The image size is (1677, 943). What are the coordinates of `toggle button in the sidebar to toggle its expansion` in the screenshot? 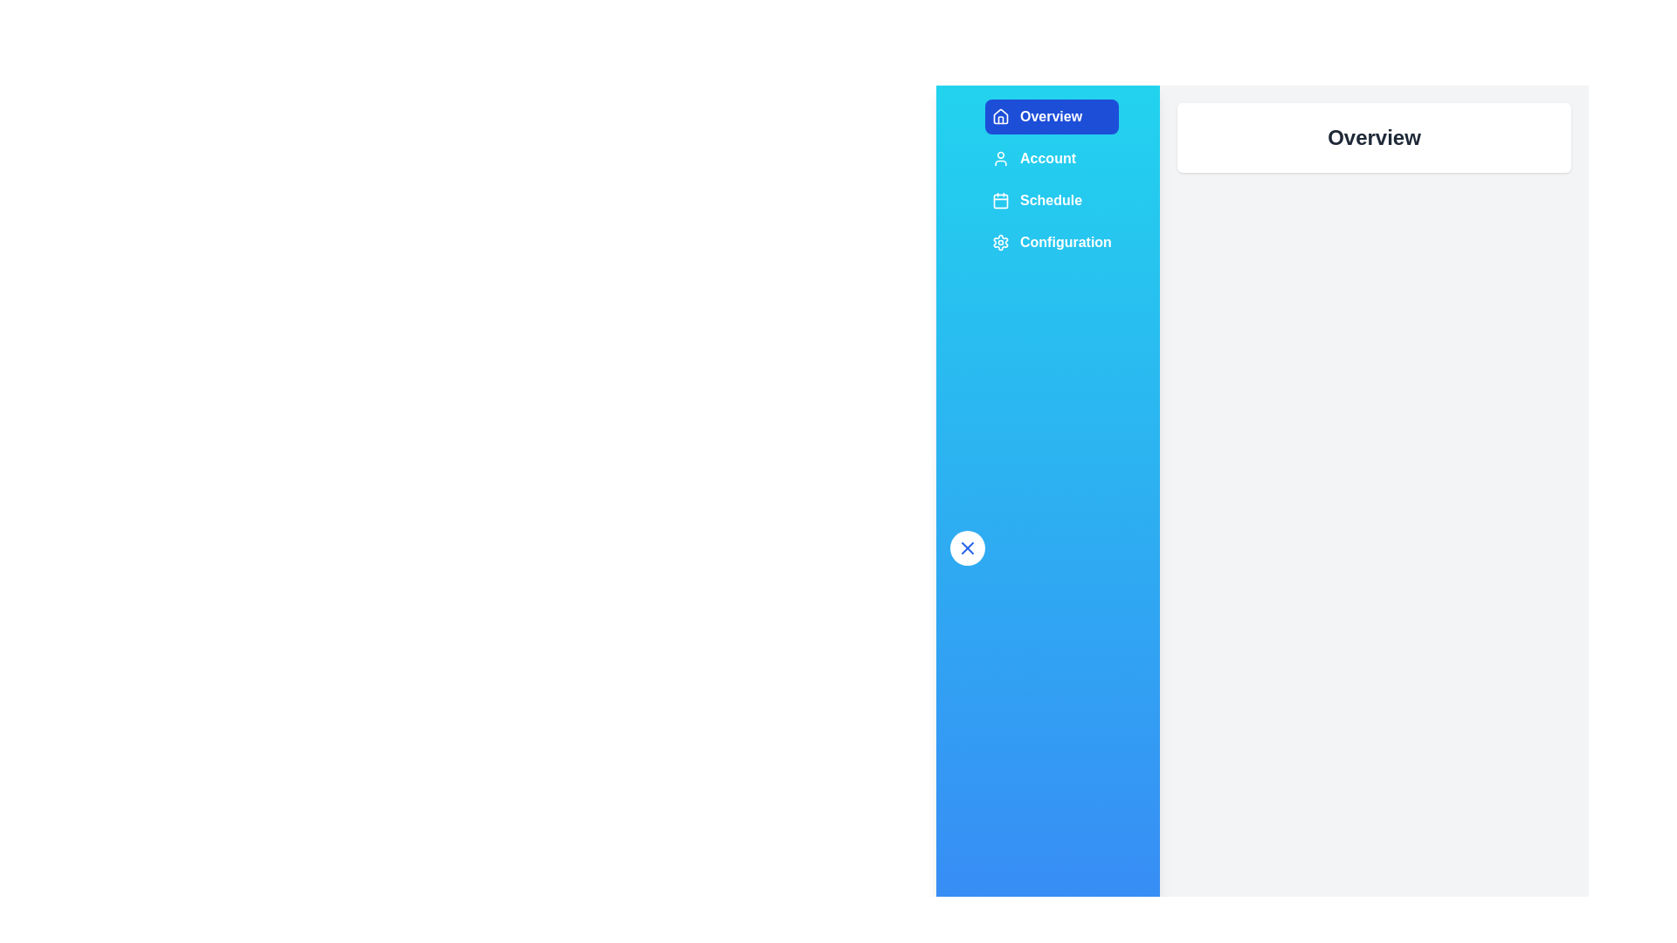 It's located at (967, 547).